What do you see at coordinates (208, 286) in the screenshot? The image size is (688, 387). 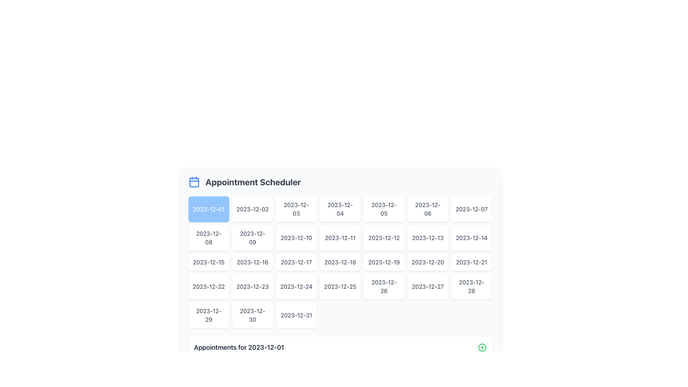 I see `the button labeled '2023-12-22'` at bounding box center [208, 286].